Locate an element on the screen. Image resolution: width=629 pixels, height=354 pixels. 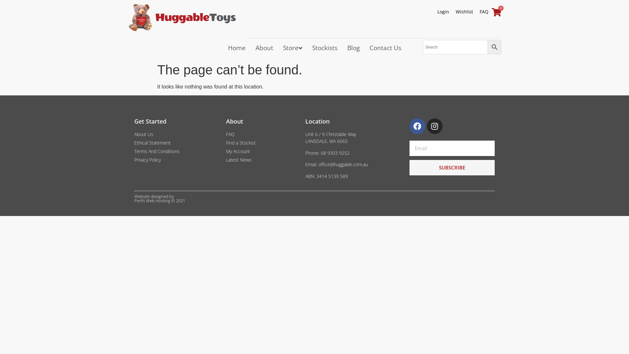
'SUBSCRIBE' is located at coordinates (452, 167).